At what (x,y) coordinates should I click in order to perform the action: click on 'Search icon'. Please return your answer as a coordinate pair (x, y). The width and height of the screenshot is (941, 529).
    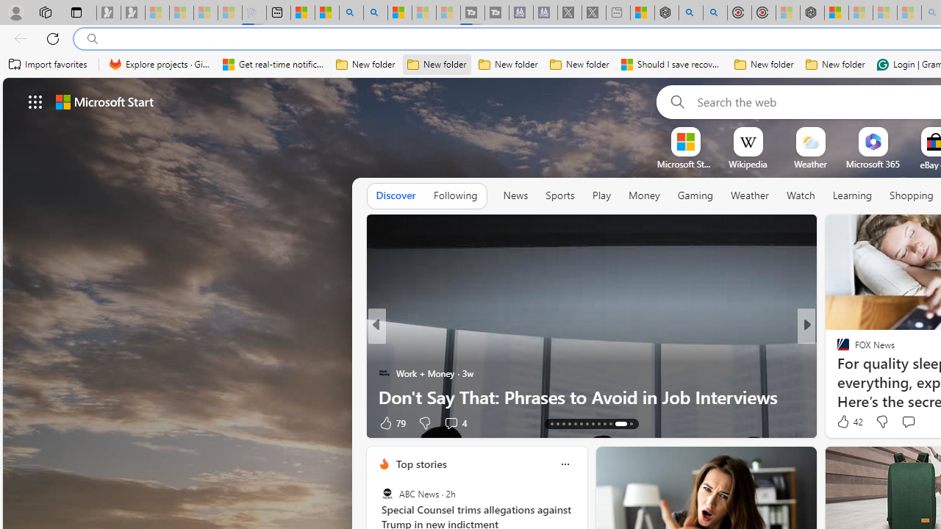
    Looking at the image, I should click on (92, 38).